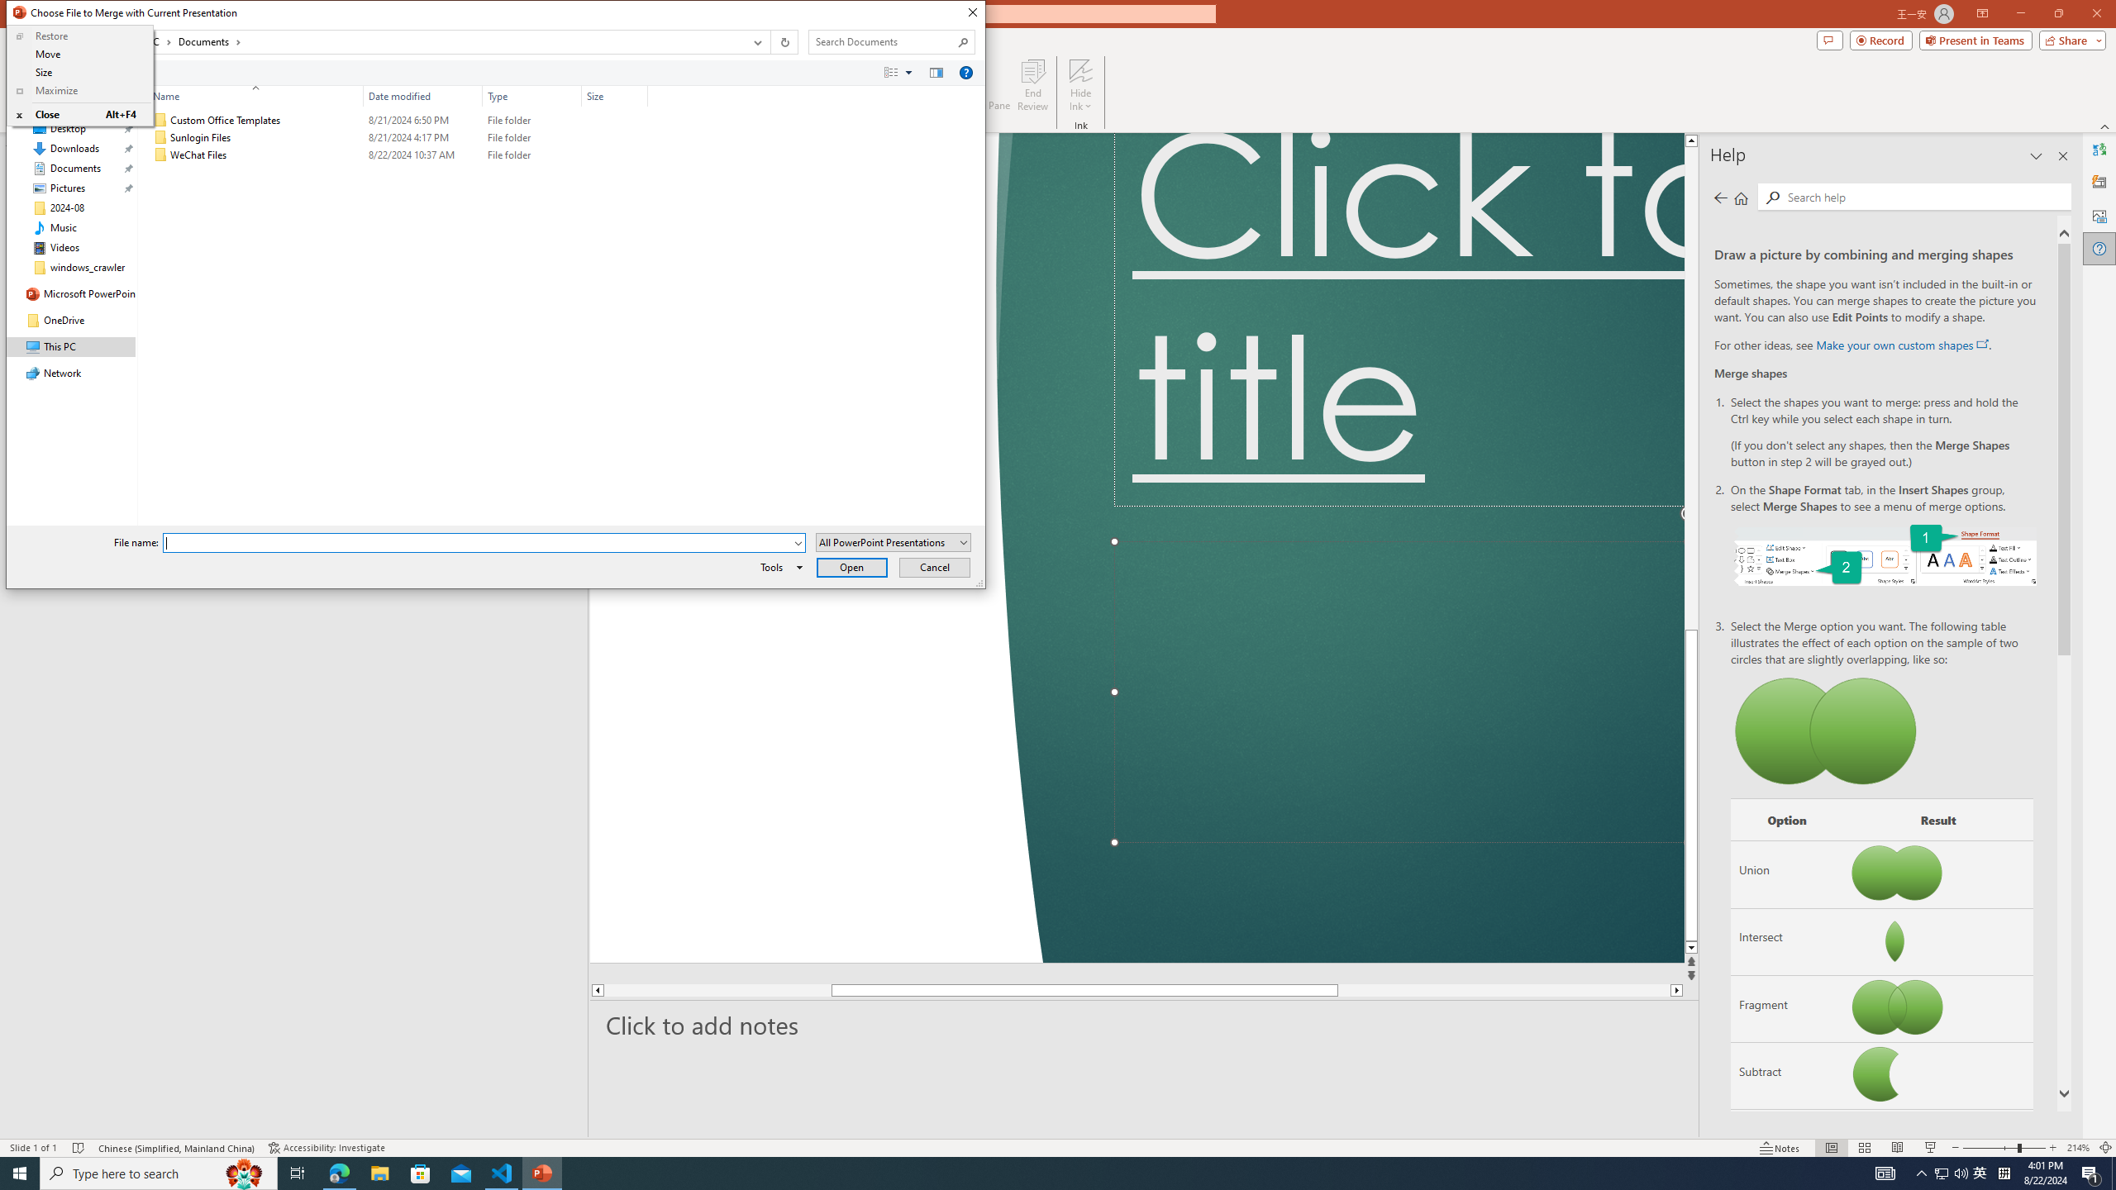  I want to click on 'Intersect', so click(1785, 940).